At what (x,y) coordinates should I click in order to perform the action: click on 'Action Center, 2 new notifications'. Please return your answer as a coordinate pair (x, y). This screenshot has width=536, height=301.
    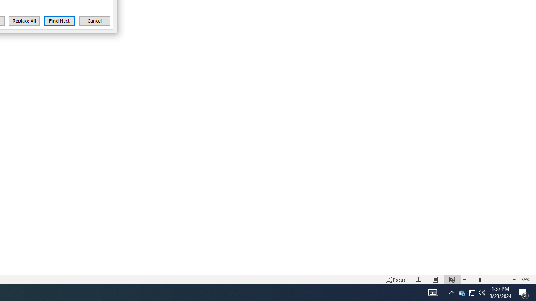
    Looking at the image, I should click on (523, 292).